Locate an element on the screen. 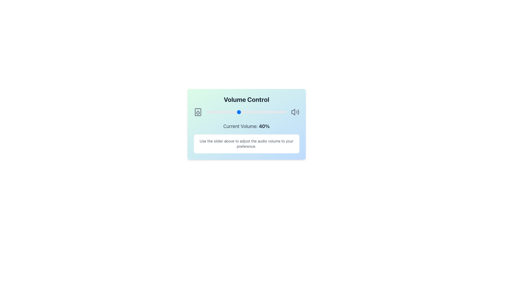 The height and width of the screenshot is (285, 507). the curved, line-based shape resembling a sound wave located on the right side of the interface, close to the volume icon is located at coordinates (298, 112).